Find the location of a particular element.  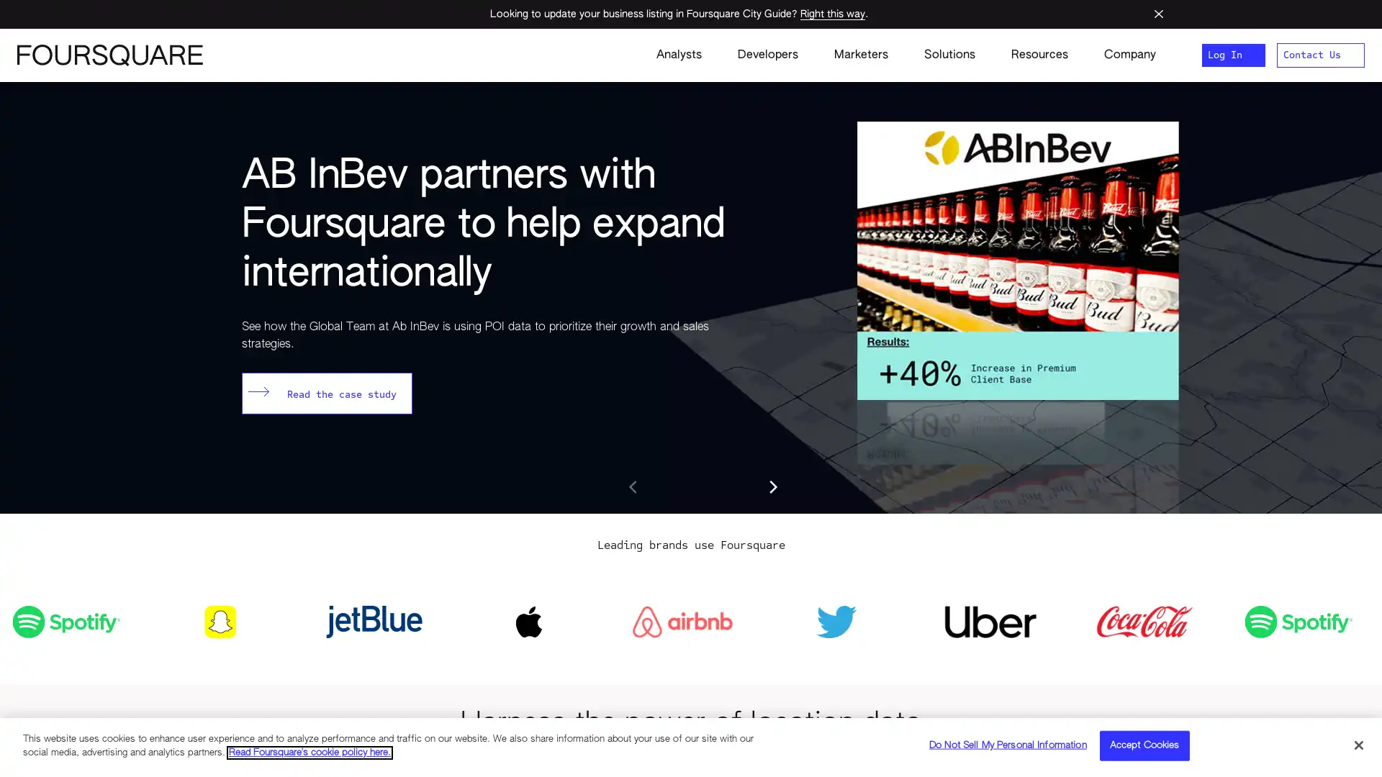

Previous is located at coordinates (633, 486).